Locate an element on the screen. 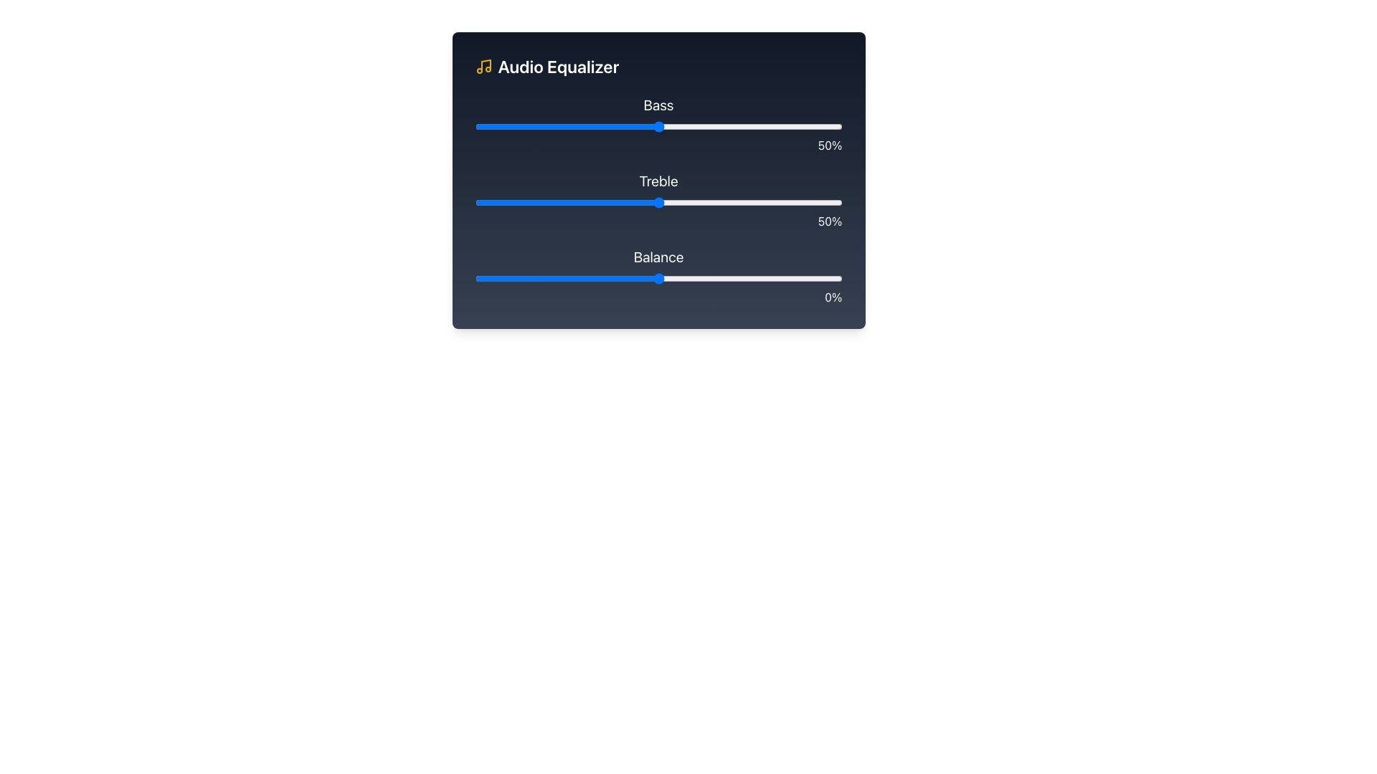 The image size is (1377, 774). the Bass level is located at coordinates (805, 126).